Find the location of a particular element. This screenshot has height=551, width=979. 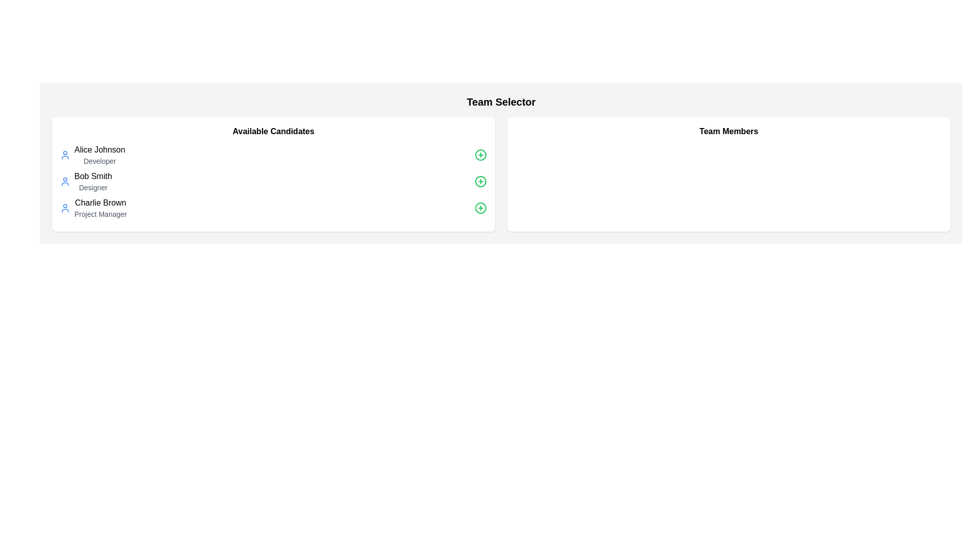

text displayed in the Text Label identifying the user 'Bob Smith', which is the second entry in the list of available candidates is located at coordinates (93, 176).